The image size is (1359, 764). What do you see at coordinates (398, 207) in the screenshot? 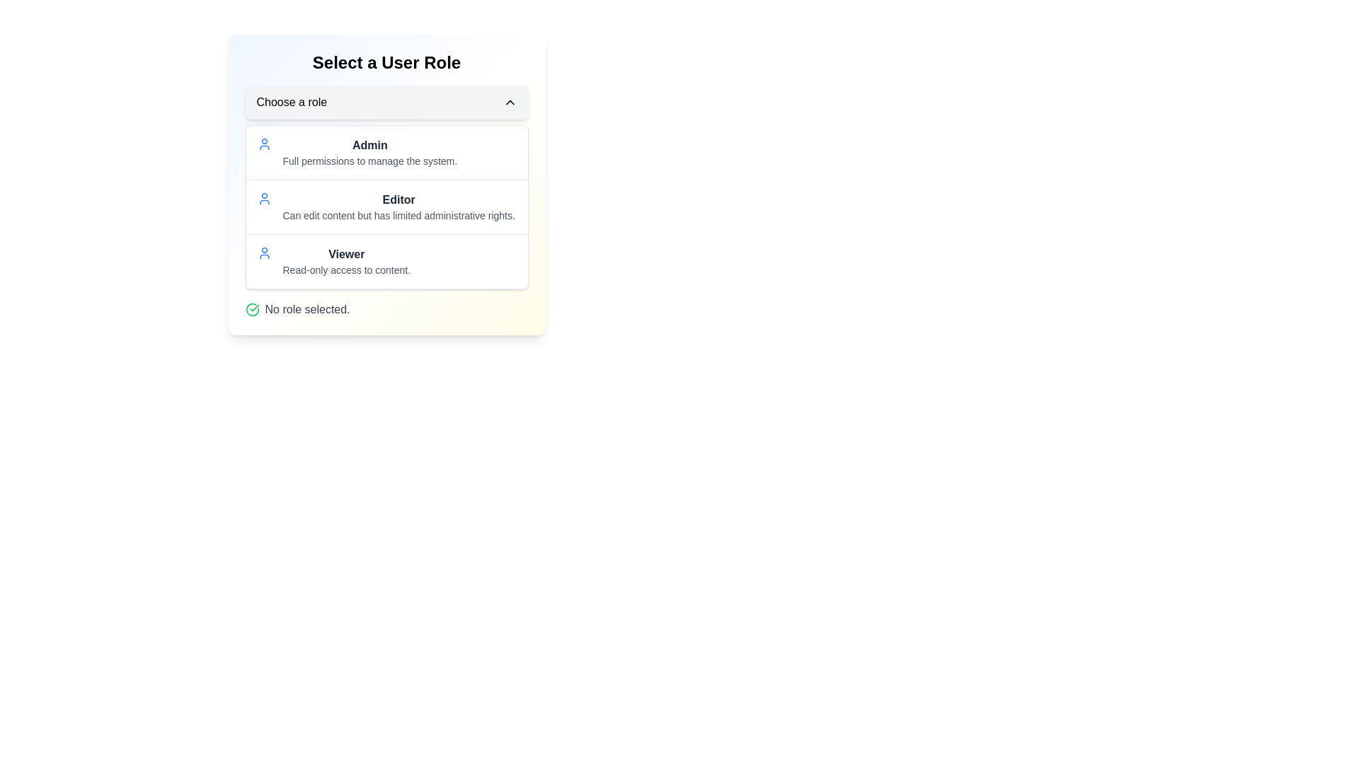
I see `text label representing the 'Editor' role option in the user role selection interface, which is the second item in a vertical list between 'Admin' and 'Viewer'` at bounding box center [398, 207].